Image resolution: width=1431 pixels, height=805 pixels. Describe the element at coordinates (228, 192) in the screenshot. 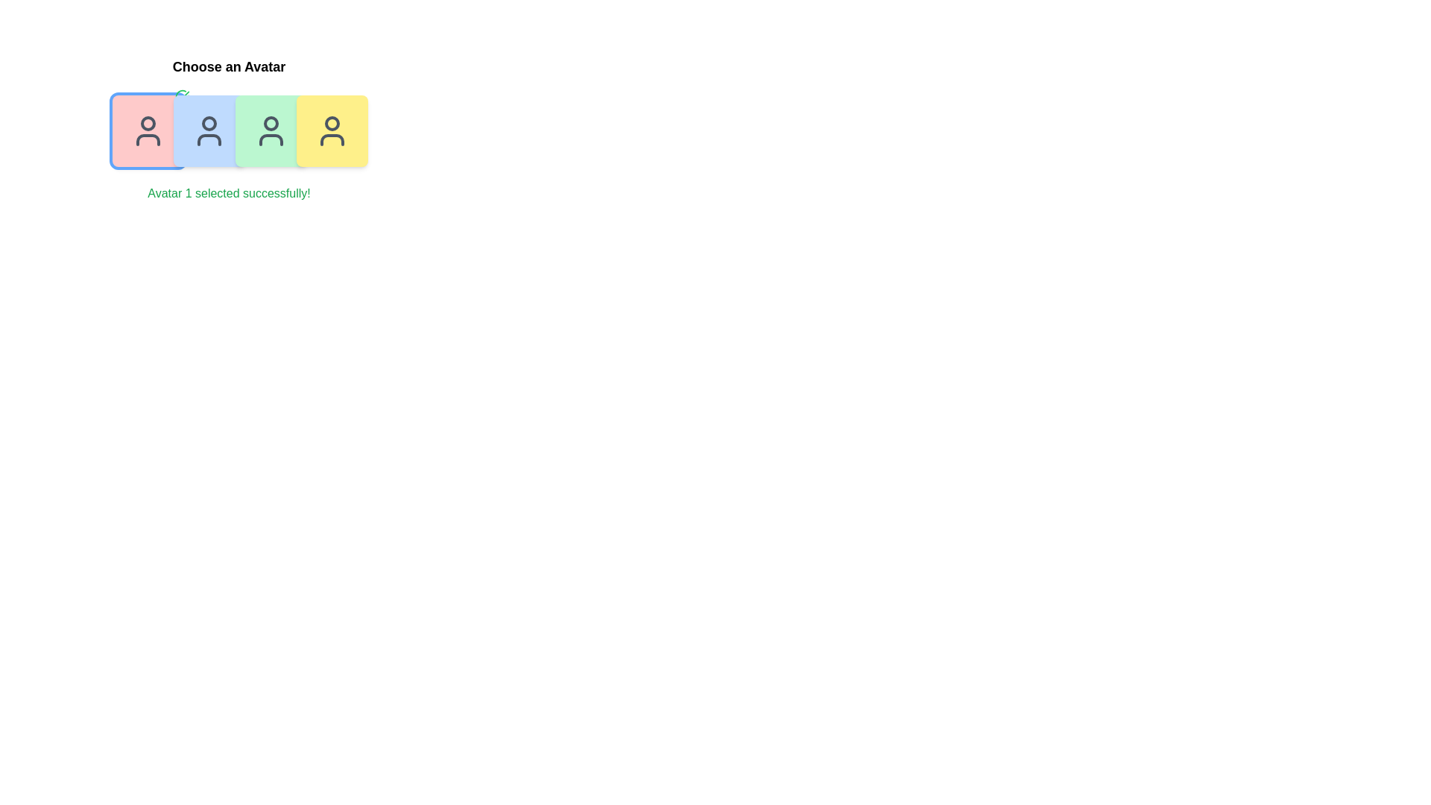

I see `the Feedback Notification Text that reads 'Avatar 1 selected successfully!' displayed in green font, located beneath the avatar grid` at that location.